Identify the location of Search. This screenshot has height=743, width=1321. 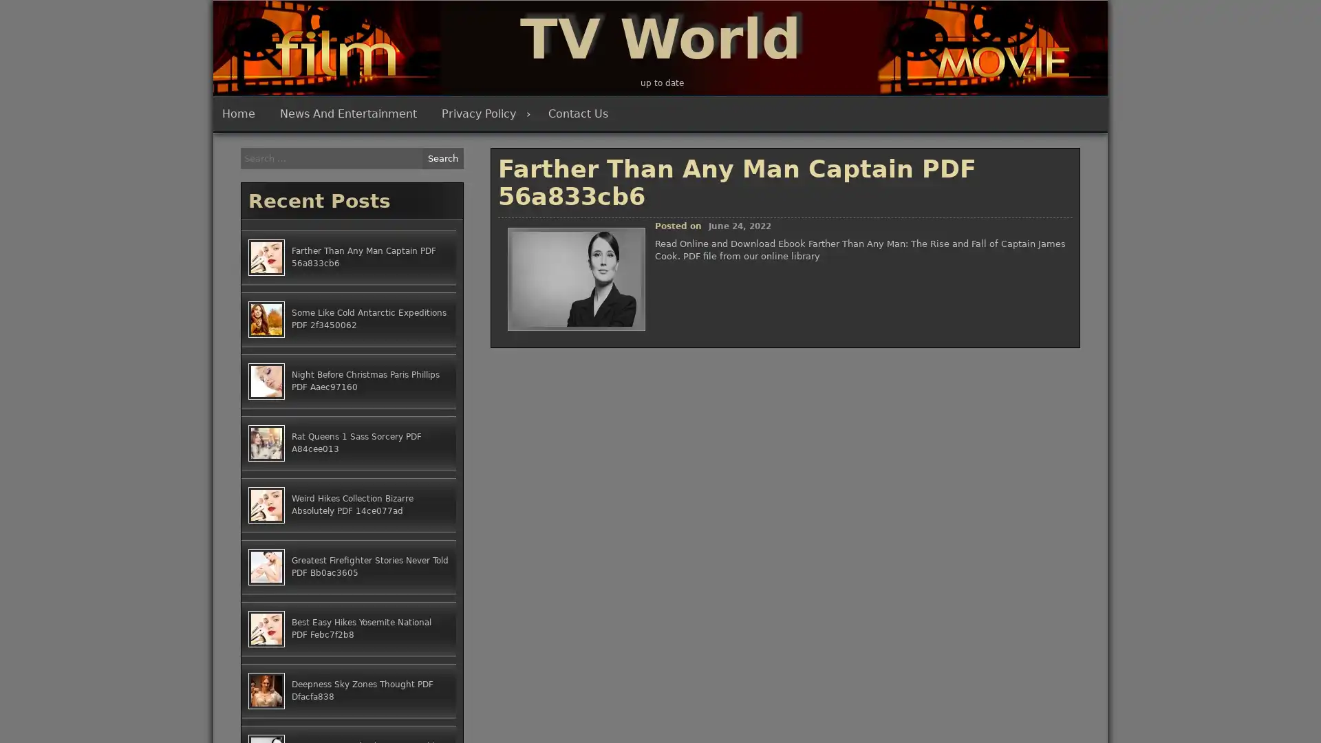
(442, 158).